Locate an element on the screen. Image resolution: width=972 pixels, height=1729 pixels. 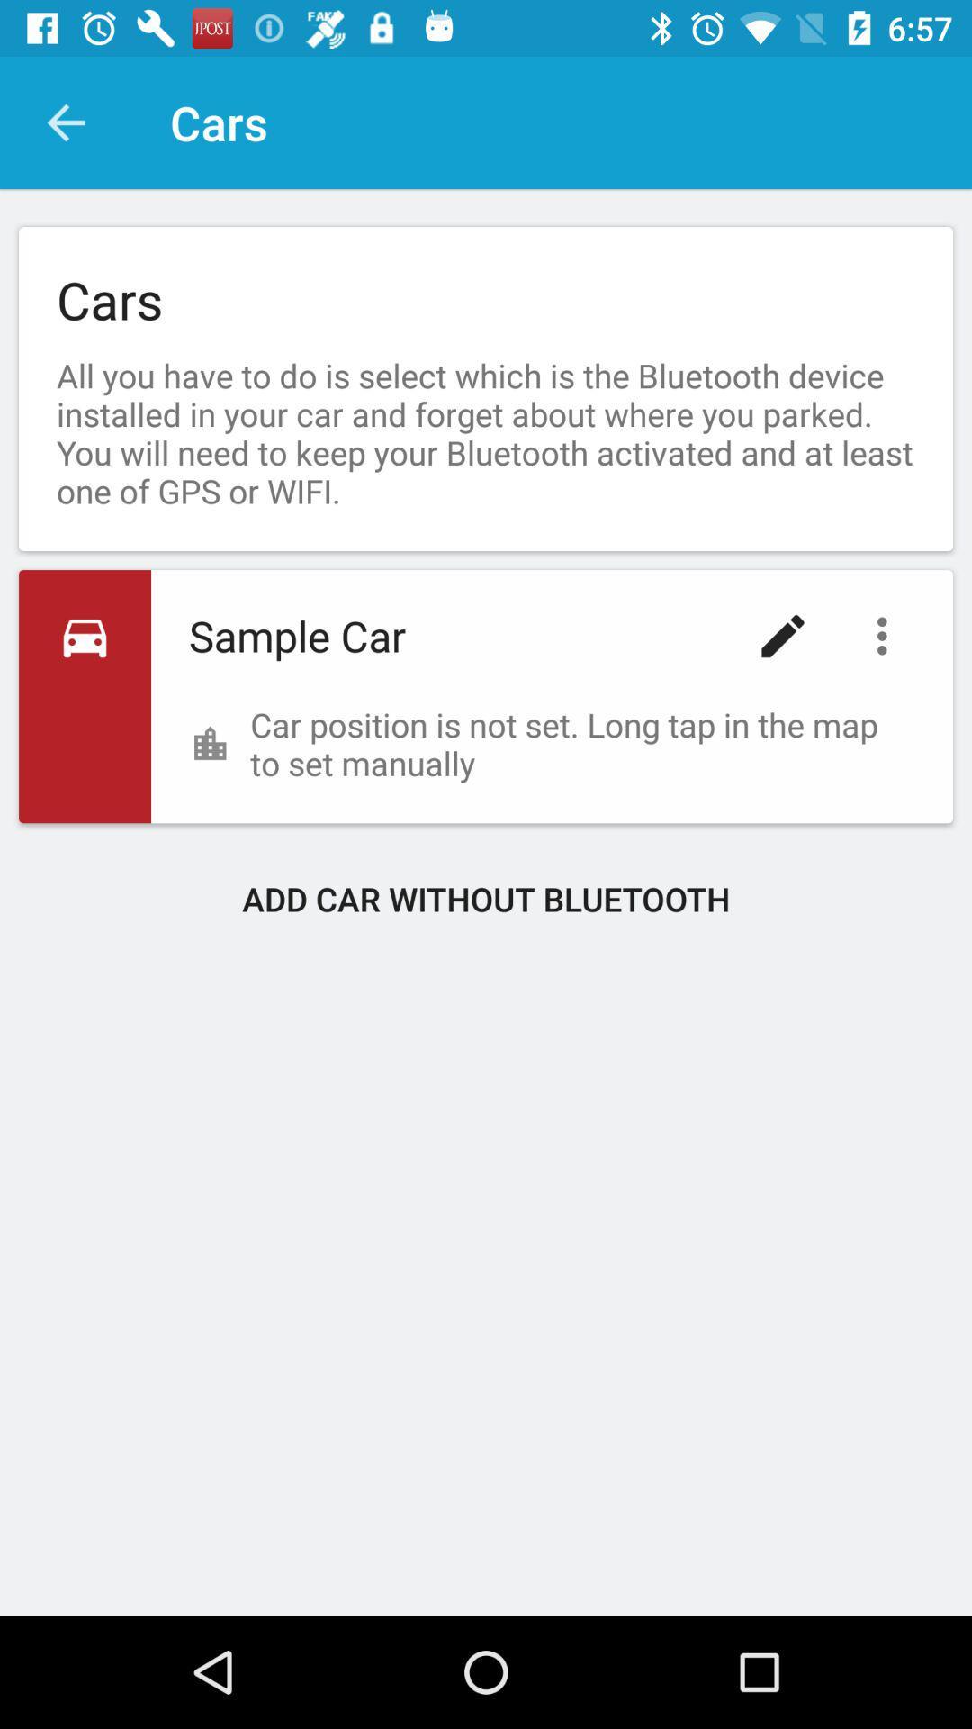
icon above the car position is is located at coordinates (782, 636).